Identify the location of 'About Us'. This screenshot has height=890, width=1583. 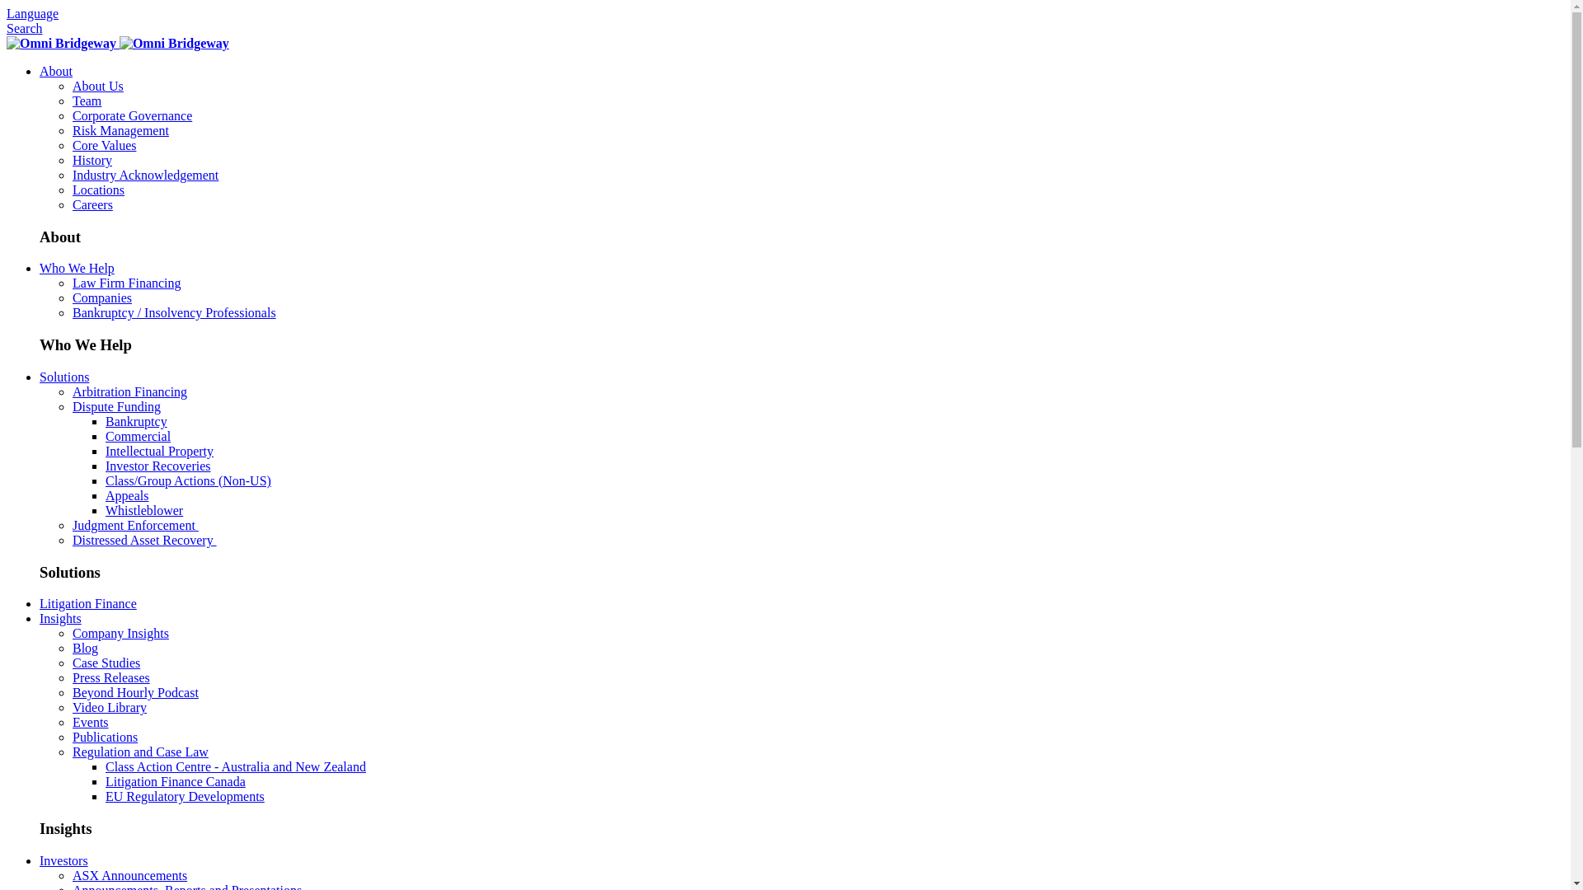
(97, 86).